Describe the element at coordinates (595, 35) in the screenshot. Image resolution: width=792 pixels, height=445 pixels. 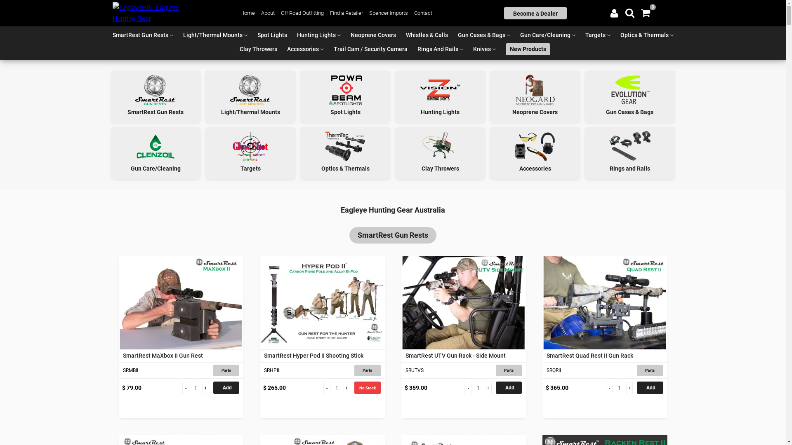
I see `'Targets'` at that location.